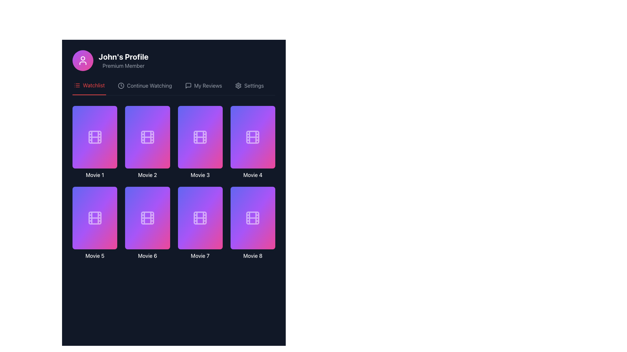  What do you see at coordinates (253, 215) in the screenshot?
I see `the triangular 'play' icon located in the bottom-right section of the eighth movie card in the grid layout to receive feedback` at bounding box center [253, 215].